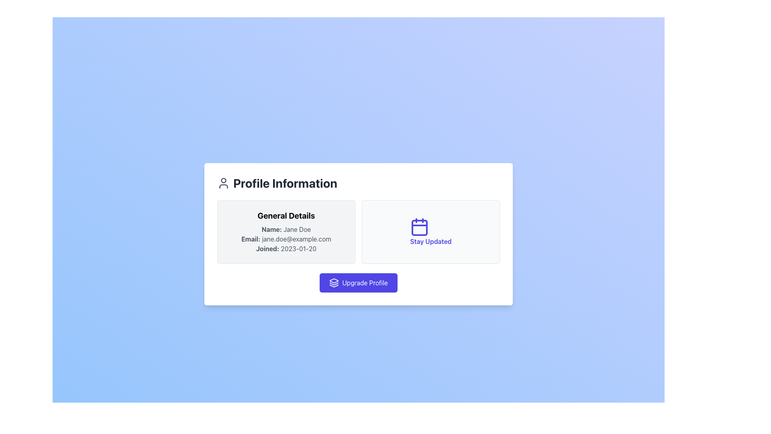  I want to click on the middle trapezoidal layer icon in the grayscale stack of graphical layers, so click(334, 283).